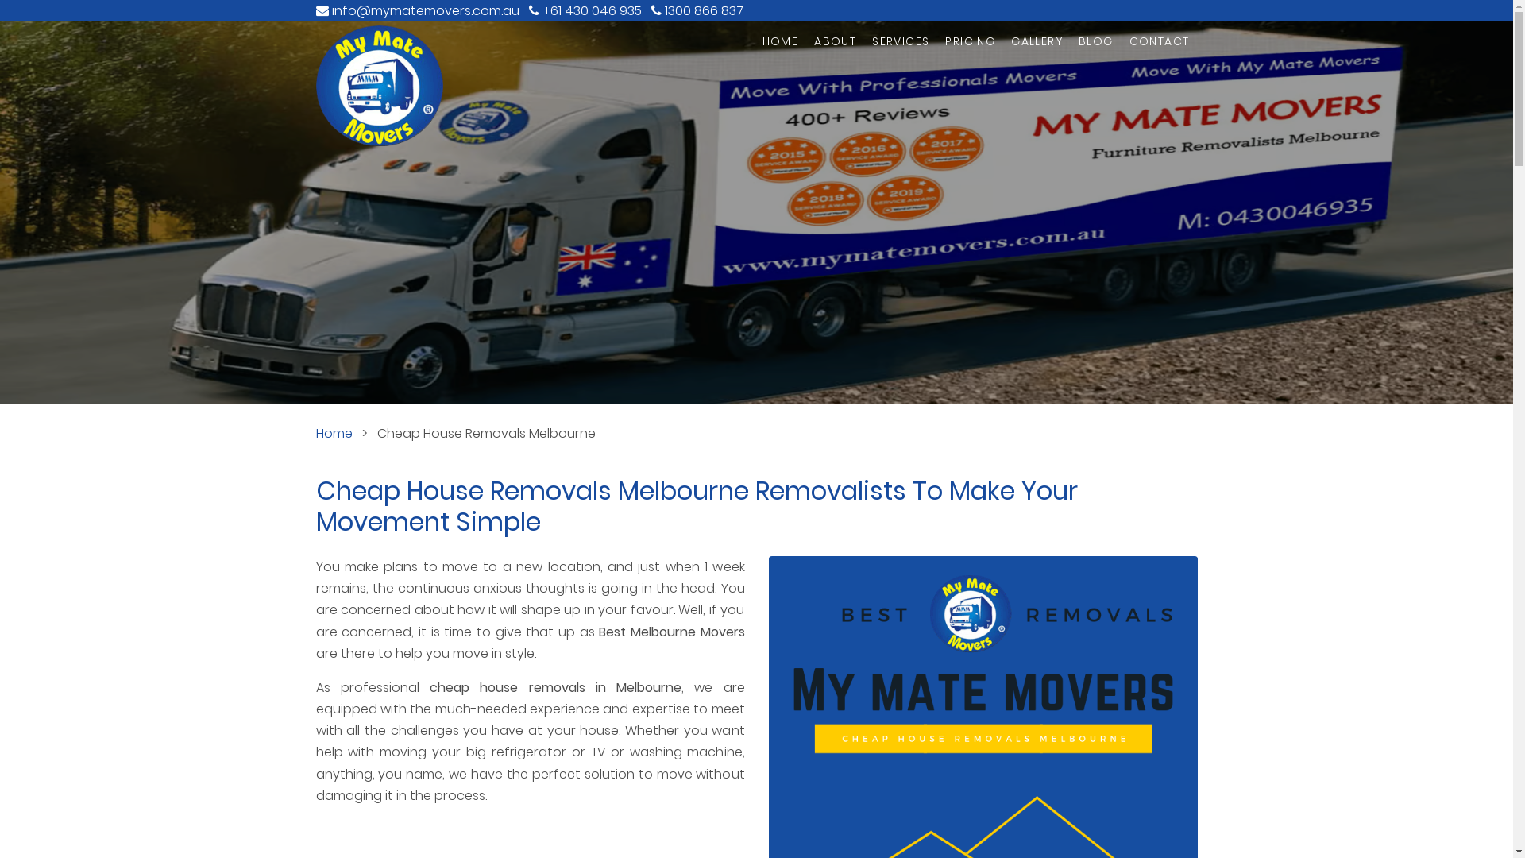 The image size is (1525, 858). I want to click on 'SERVICES', so click(900, 40).